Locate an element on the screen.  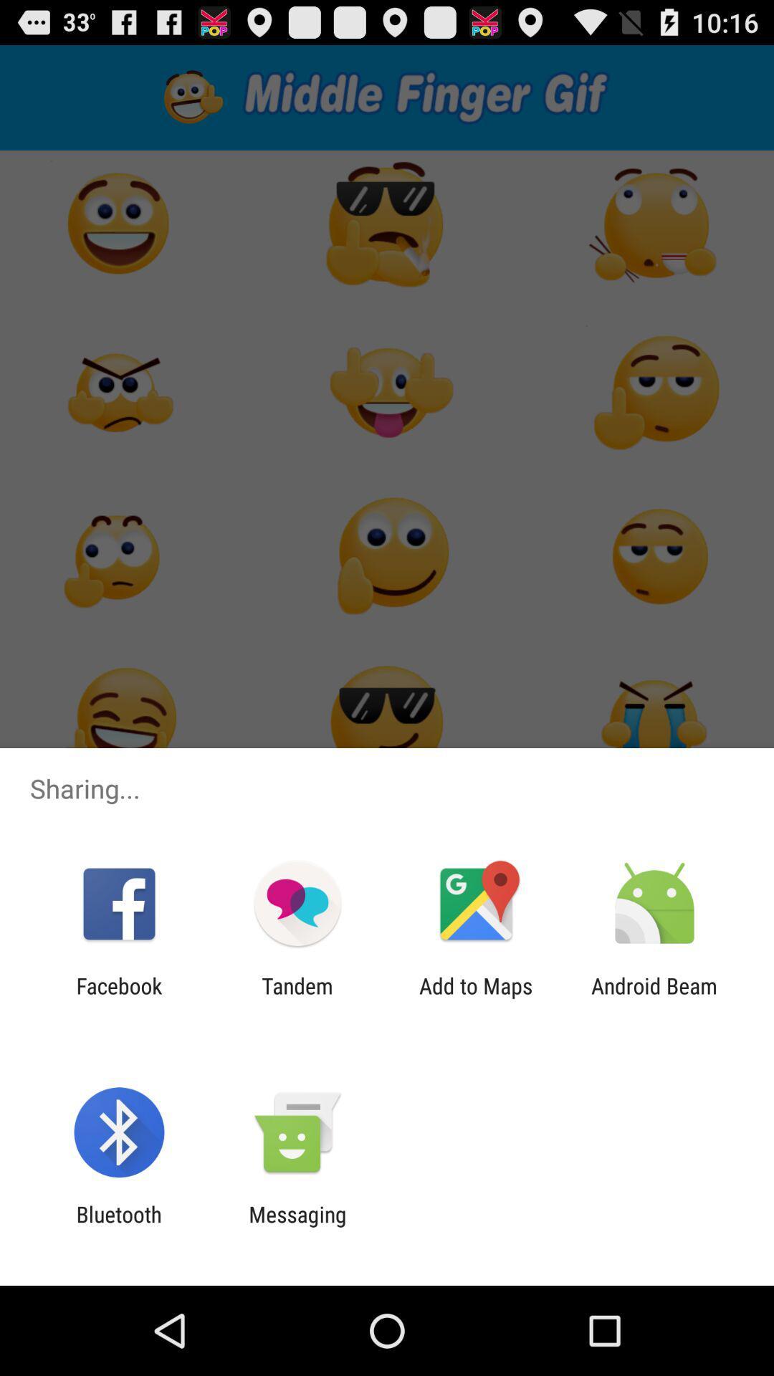
the icon to the right of bluetooth is located at coordinates (297, 1226).